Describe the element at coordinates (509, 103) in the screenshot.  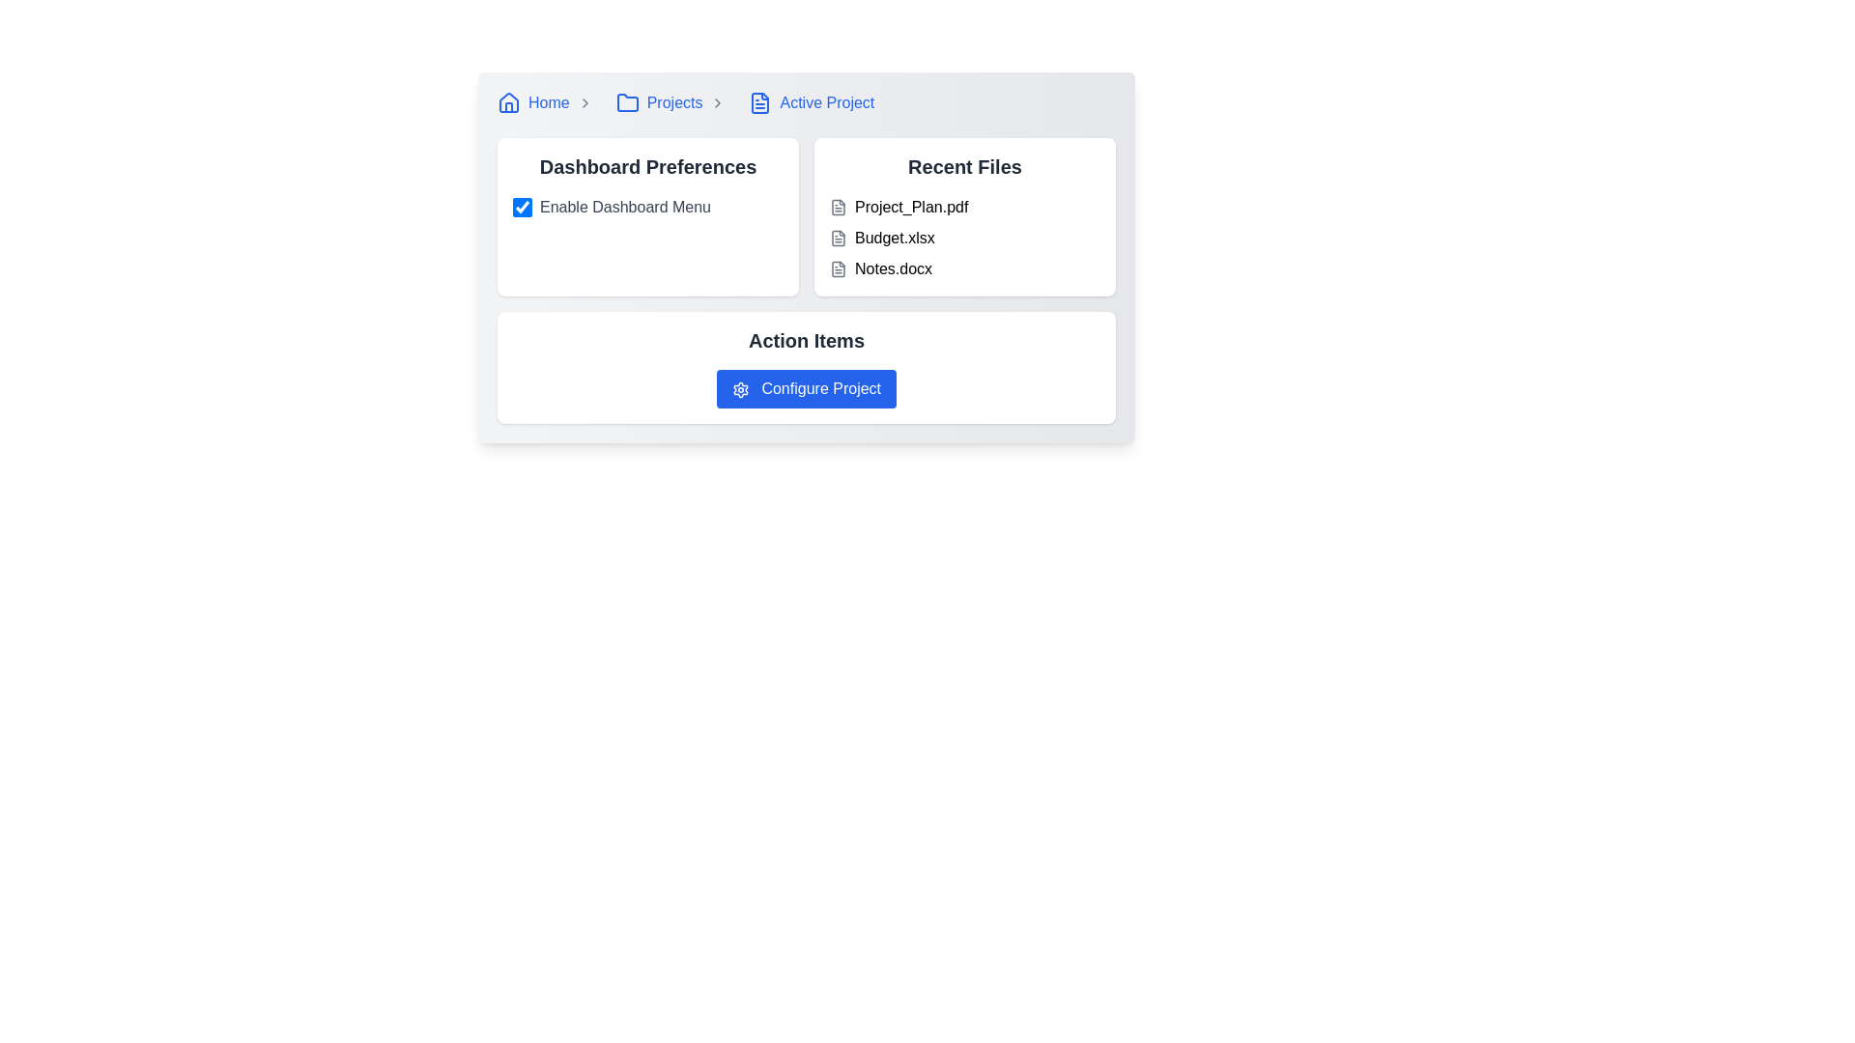
I see `the house icon in the breadcrumb navigation bar for accessibility` at that location.